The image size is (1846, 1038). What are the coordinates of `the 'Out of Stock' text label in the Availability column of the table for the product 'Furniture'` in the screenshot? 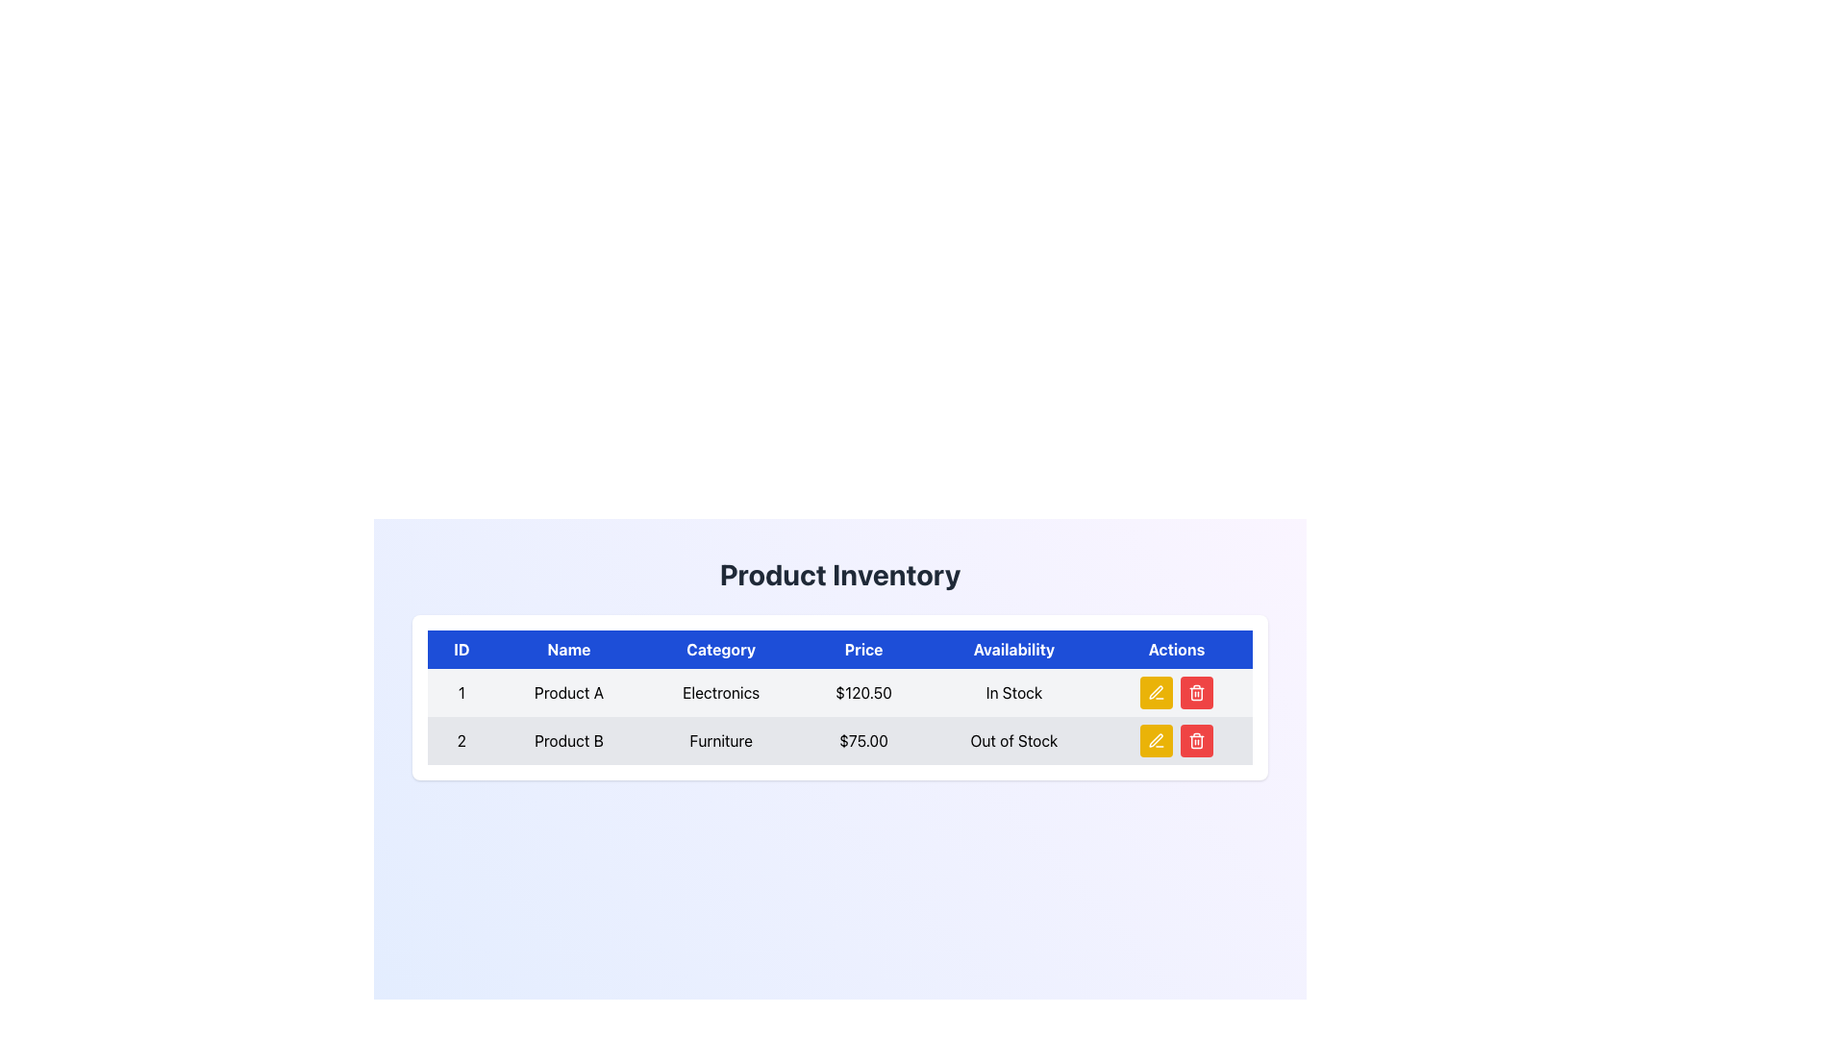 It's located at (1012, 740).